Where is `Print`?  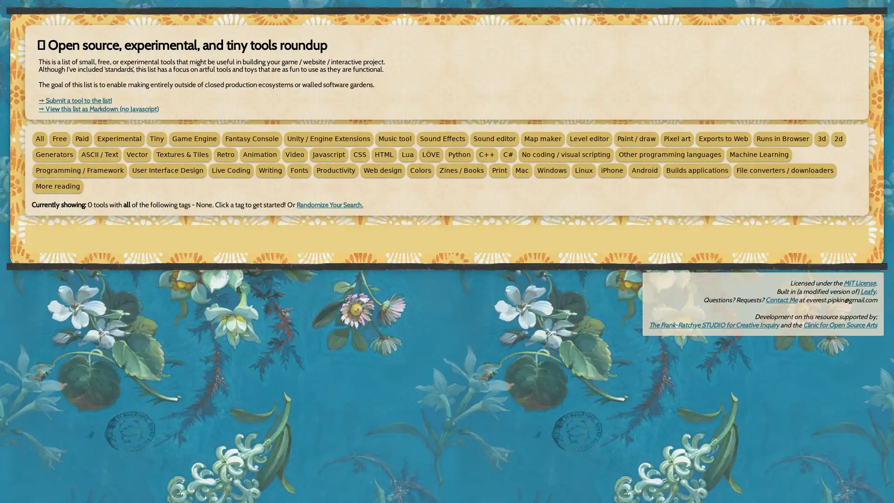
Print is located at coordinates (499, 170).